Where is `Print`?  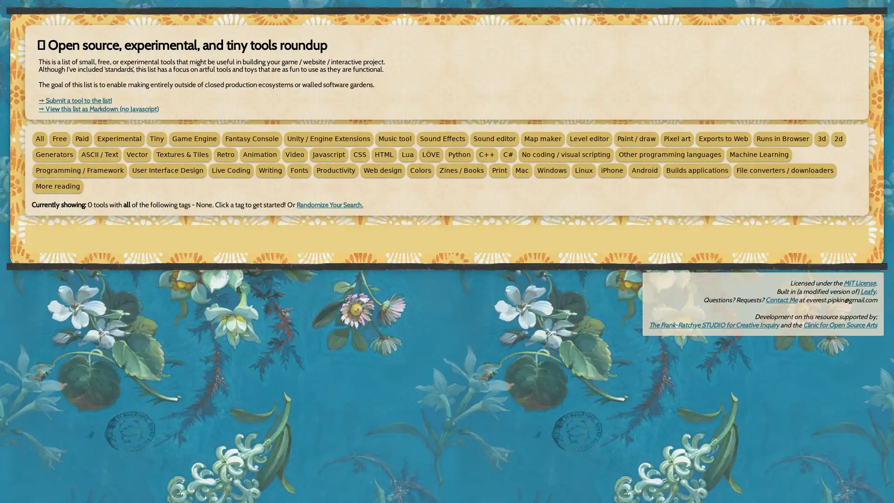
Print is located at coordinates (499, 170).